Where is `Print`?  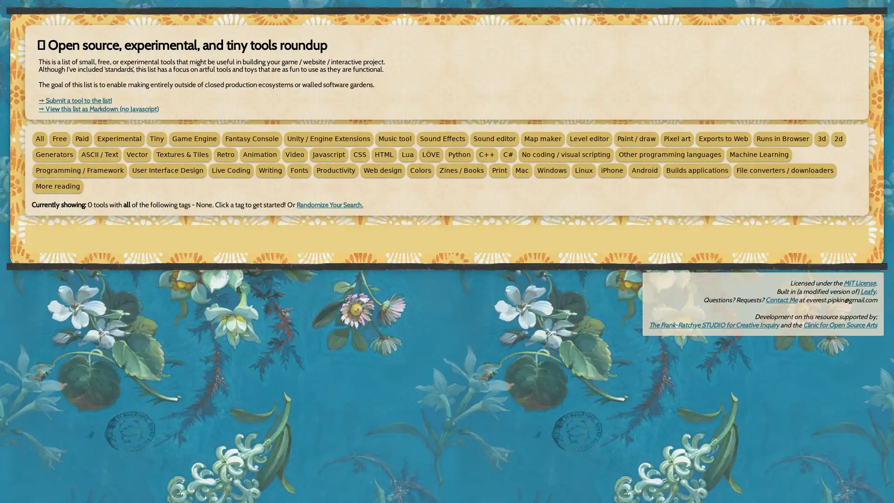
Print is located at coordinates (499, 170).